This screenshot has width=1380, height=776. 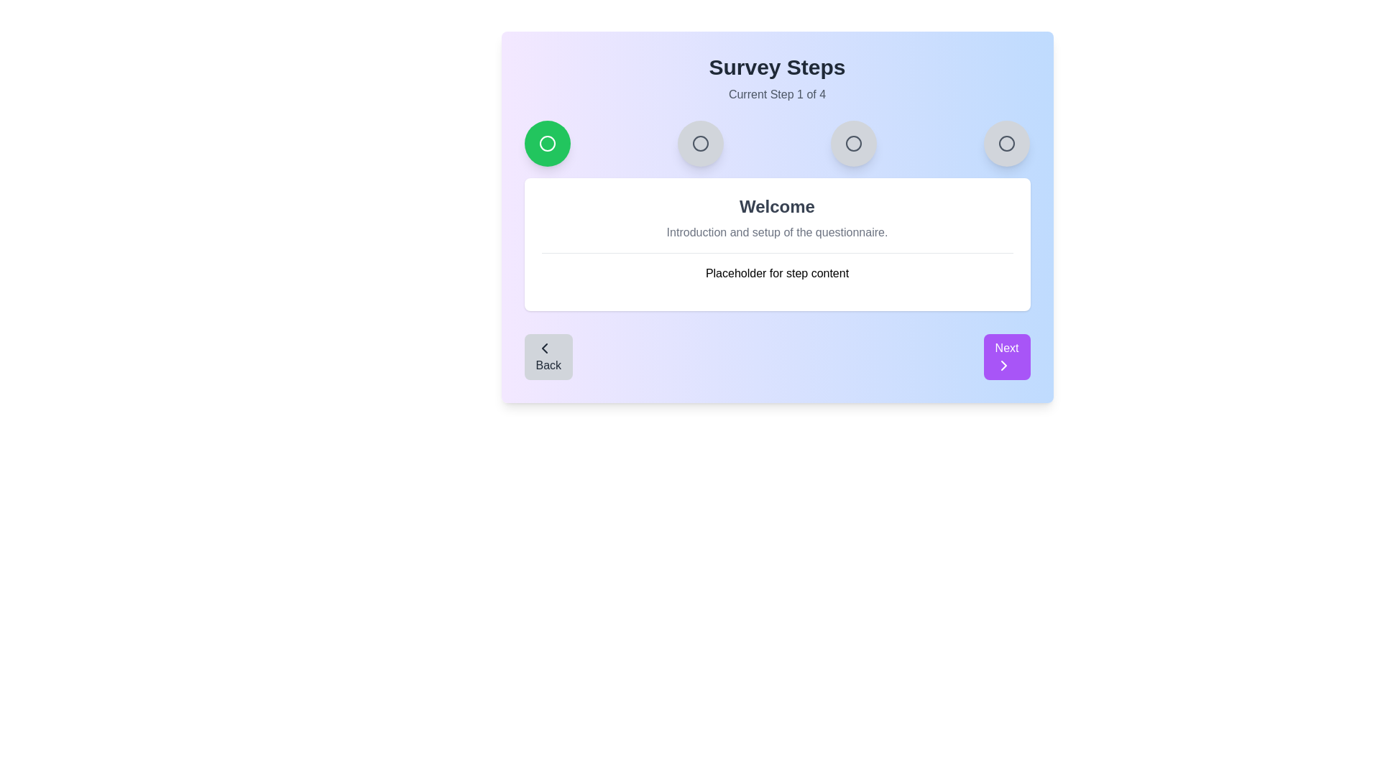 What do you see at coordinates (700, 144) in the screenshot?
I see `the second circular step indicator in the navigation area, which is a hollow gray outline located above the main content area` at bounding box center [700, 144].